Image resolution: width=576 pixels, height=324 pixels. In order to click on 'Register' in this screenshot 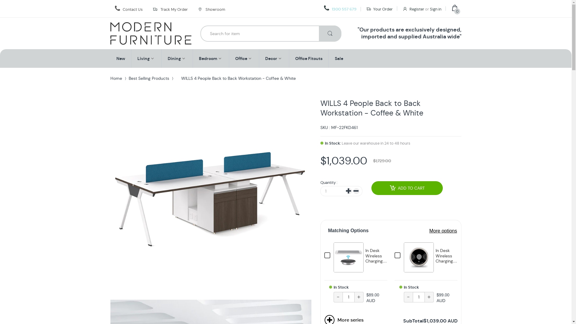, I will do `click(413, 9)`.